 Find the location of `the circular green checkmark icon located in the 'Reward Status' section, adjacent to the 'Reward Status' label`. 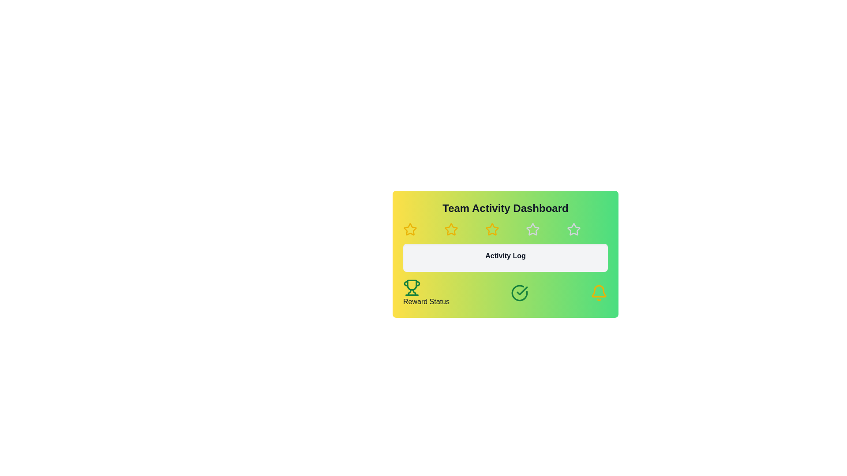

the circular green checkmark icon located in the 'Reward Status' section, adjacent to the 'Reward Status' label is located at coordinates (520, 293).